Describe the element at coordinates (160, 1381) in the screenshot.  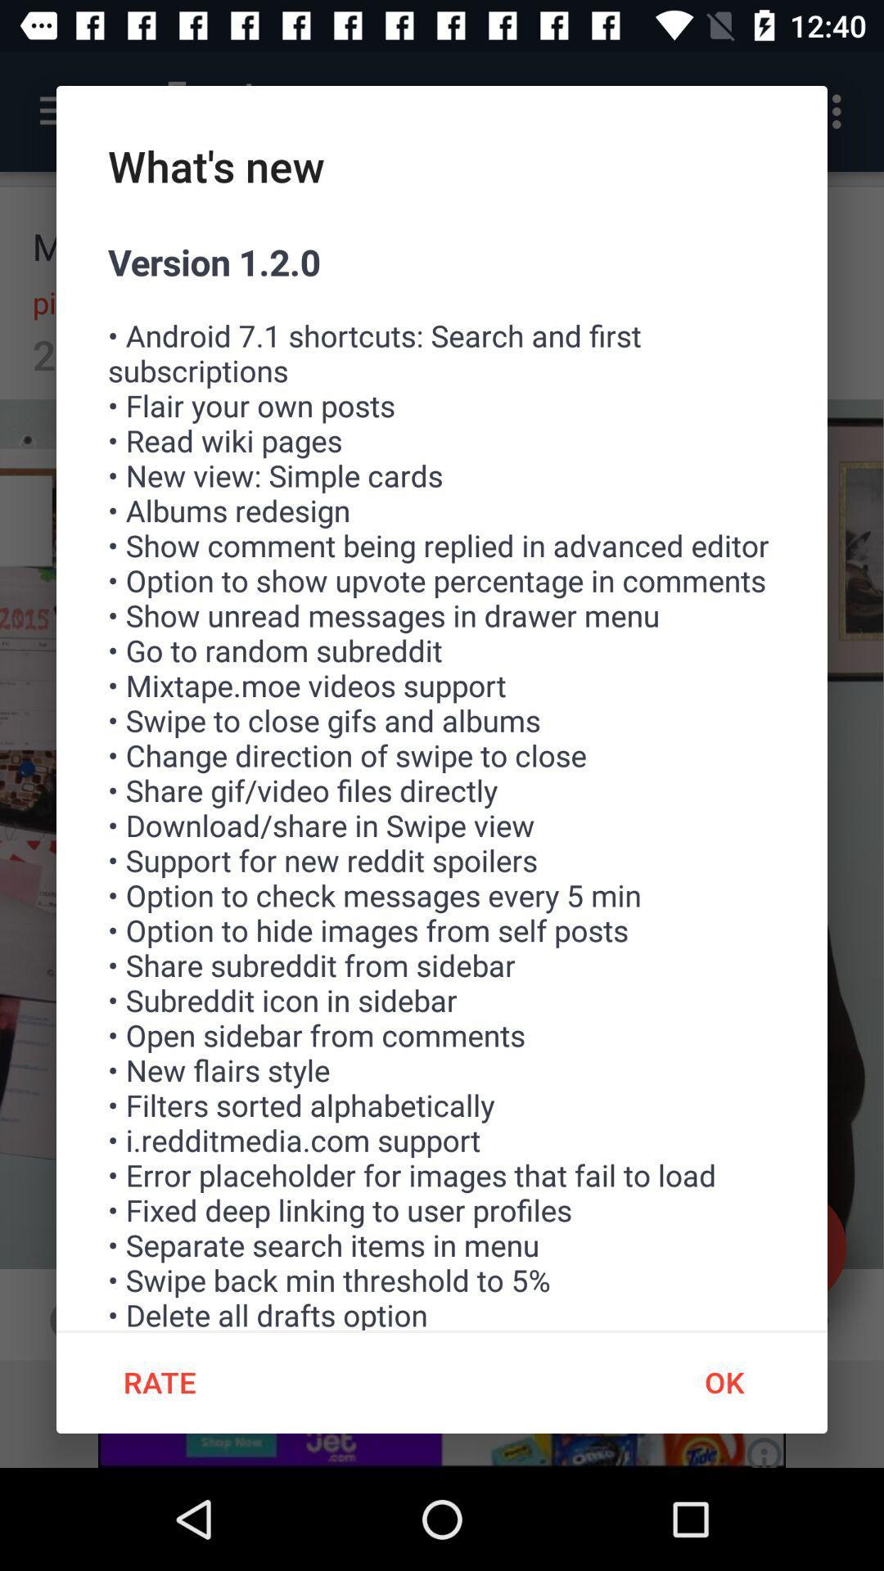
I see `item below the version 1 2 item` at that location.